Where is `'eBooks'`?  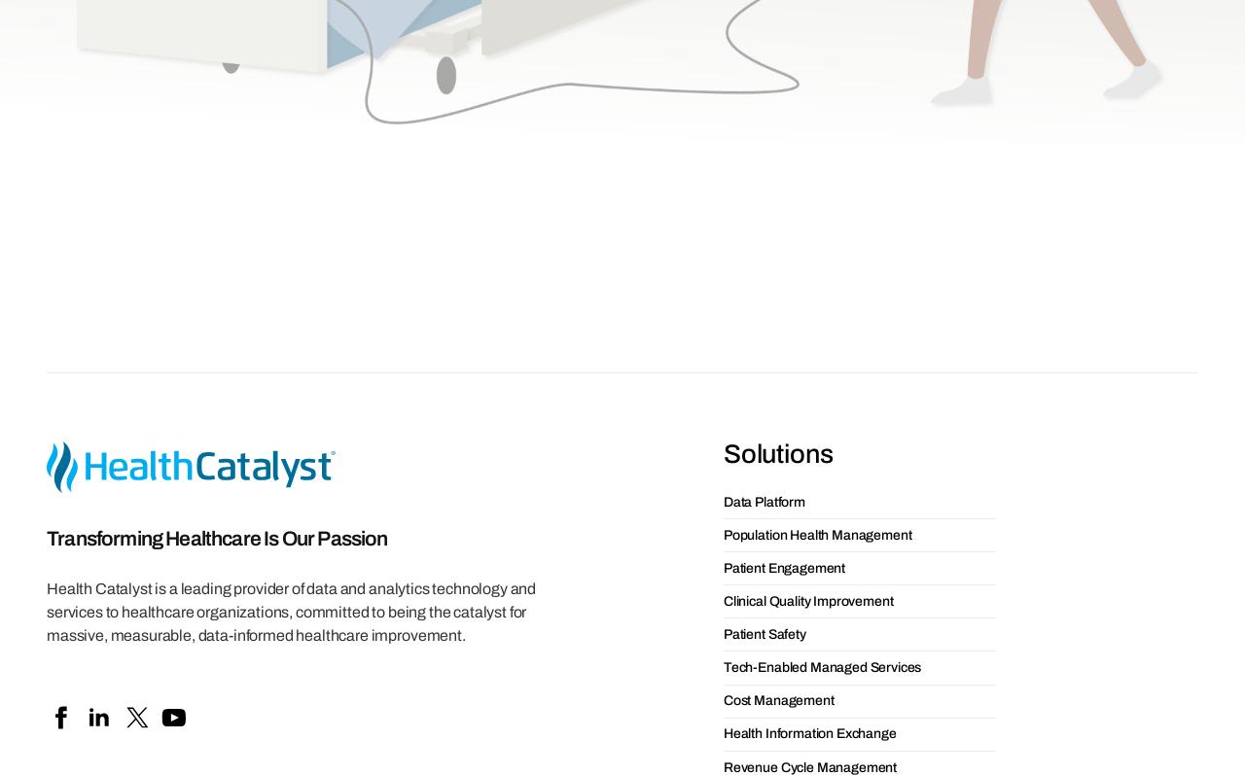
'eBooks' is located at coordinates (185, 732).